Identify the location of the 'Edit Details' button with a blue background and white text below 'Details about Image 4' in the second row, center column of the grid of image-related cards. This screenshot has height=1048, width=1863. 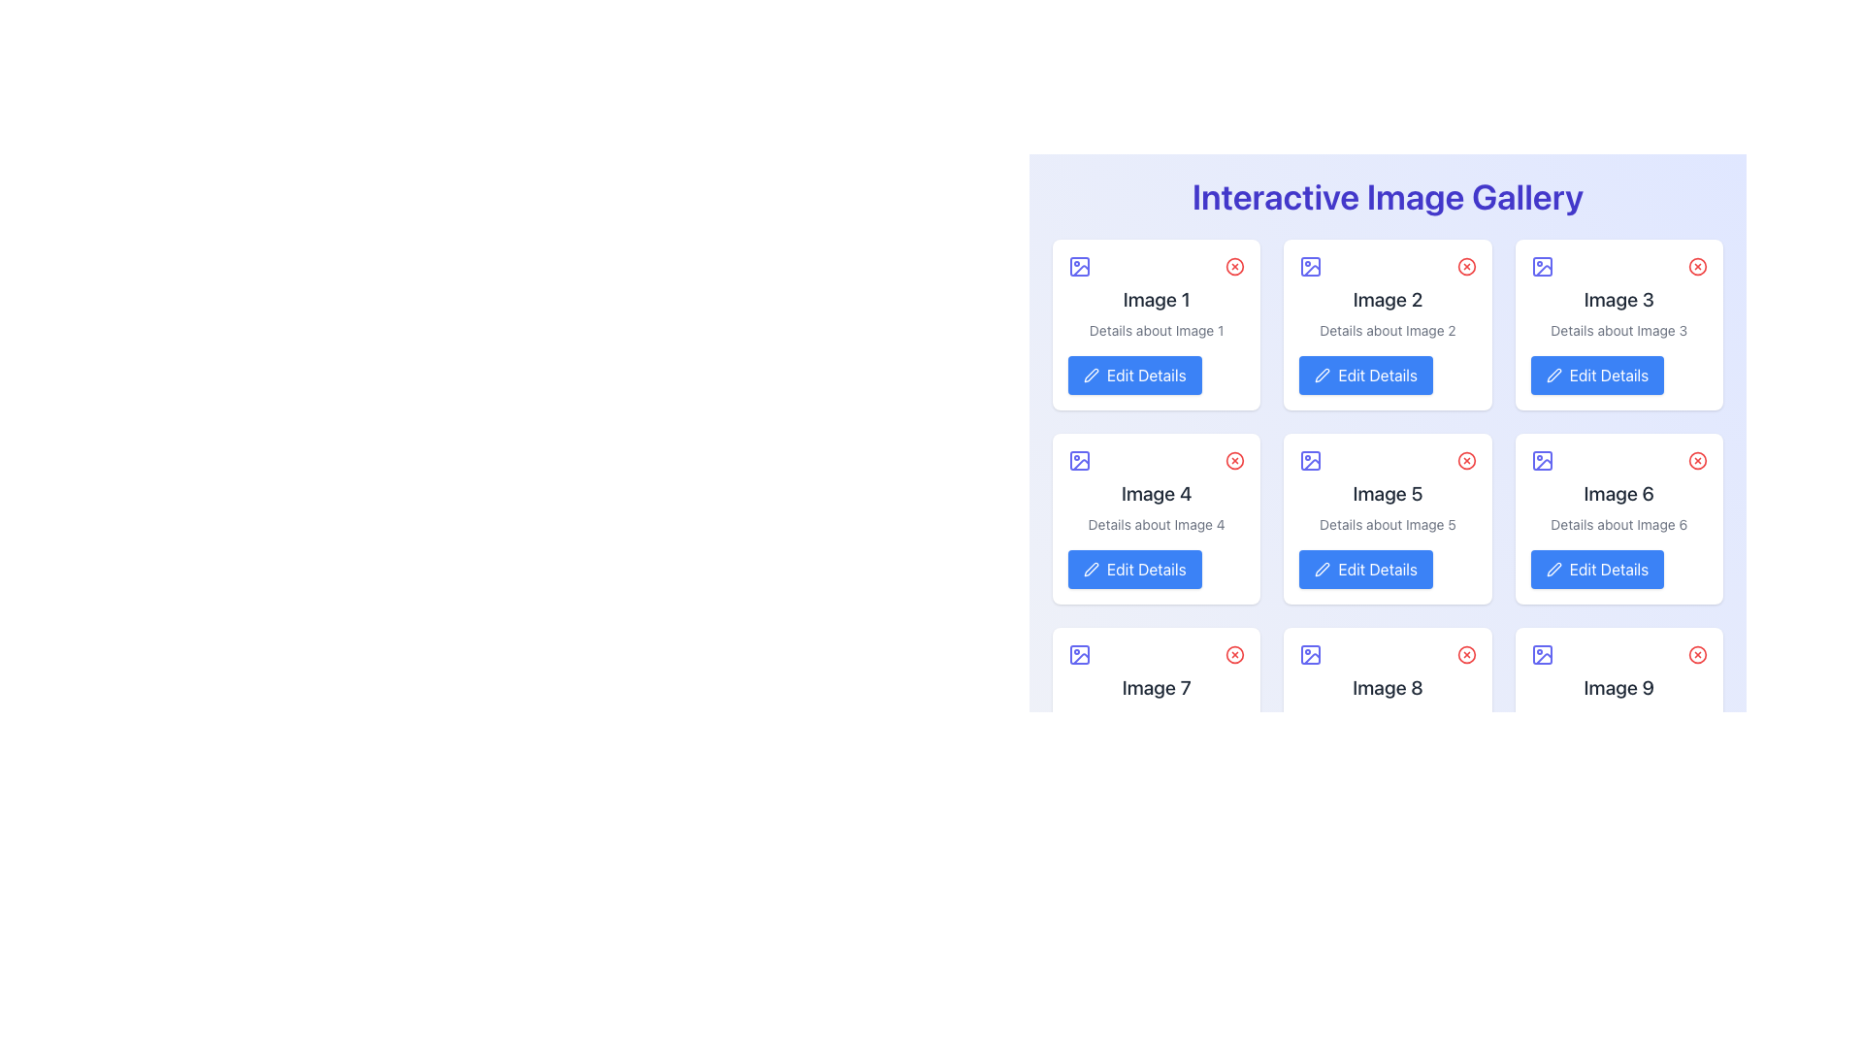
(1134, 568).